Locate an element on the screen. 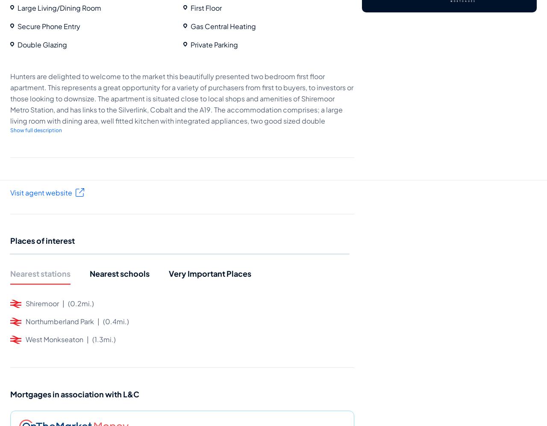 The width and height of the screenshot is (547, 426). '0.4mi.' is located at coordinates (115, 321).